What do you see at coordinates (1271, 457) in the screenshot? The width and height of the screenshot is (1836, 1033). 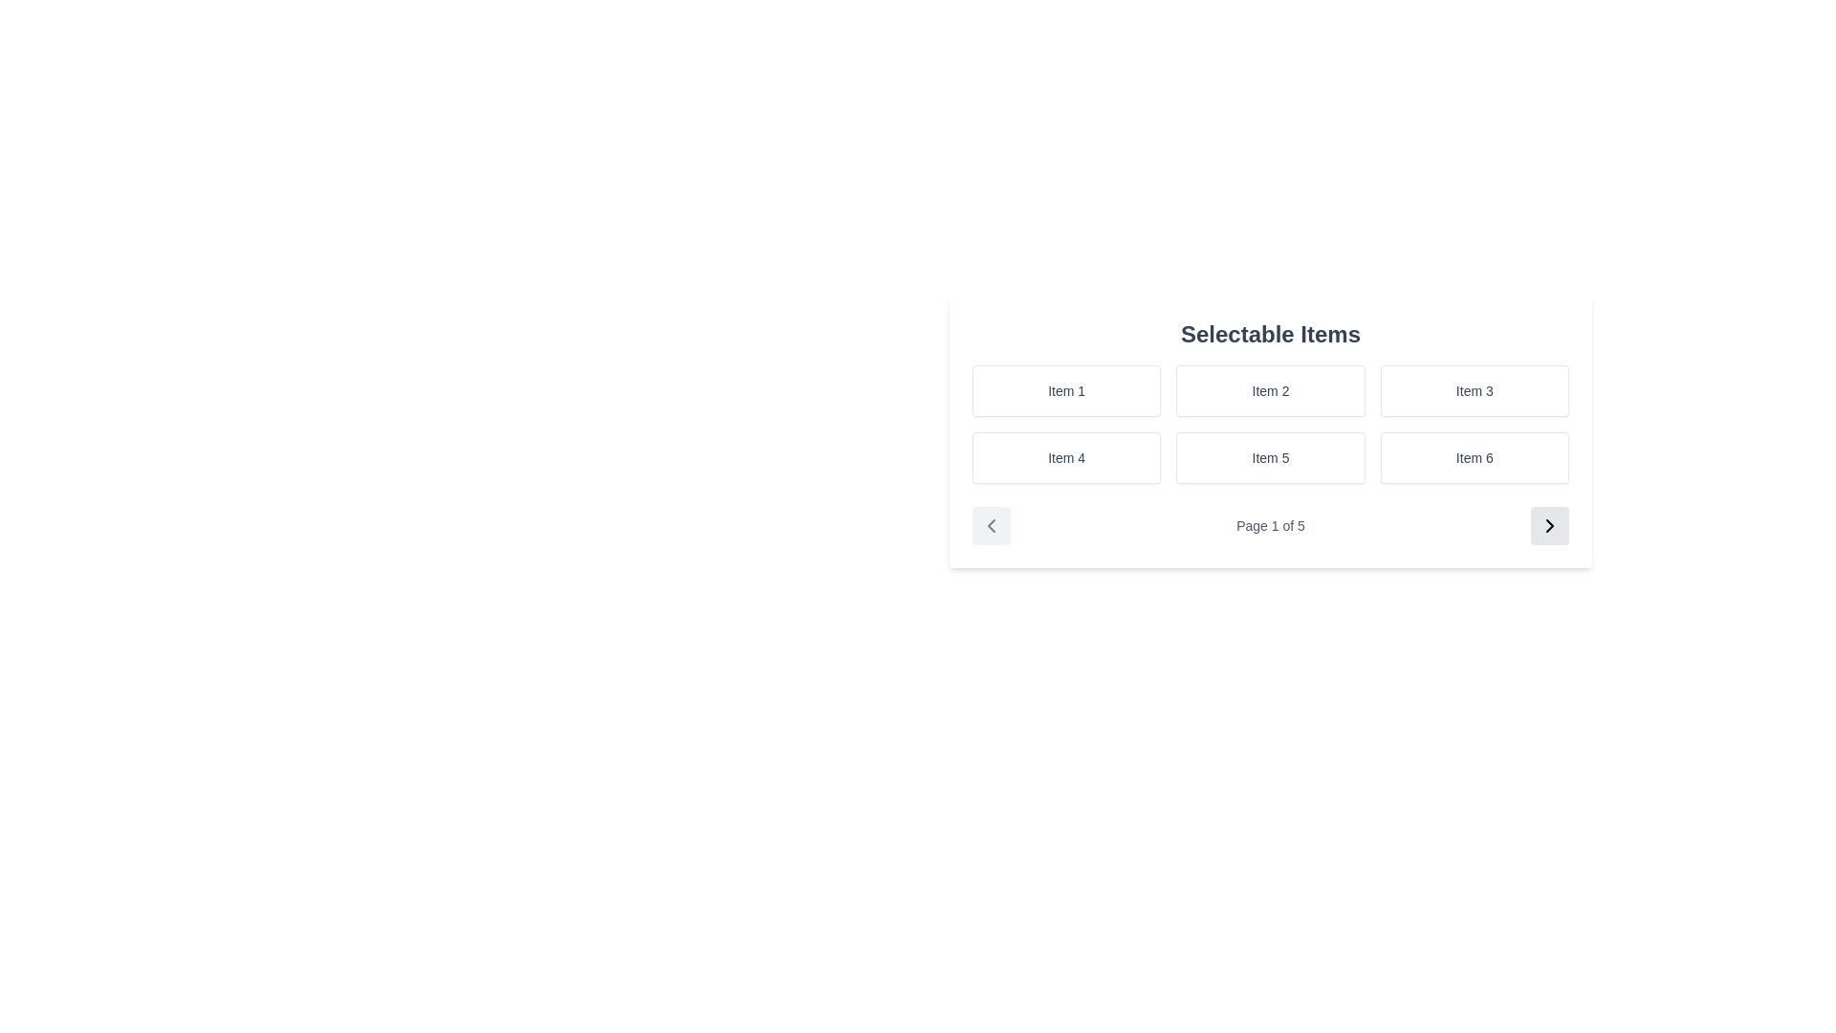 I see `the label text that serves as a title for the fifth selectable item in the grid of selectable items` at bounding box center [1271, 457].